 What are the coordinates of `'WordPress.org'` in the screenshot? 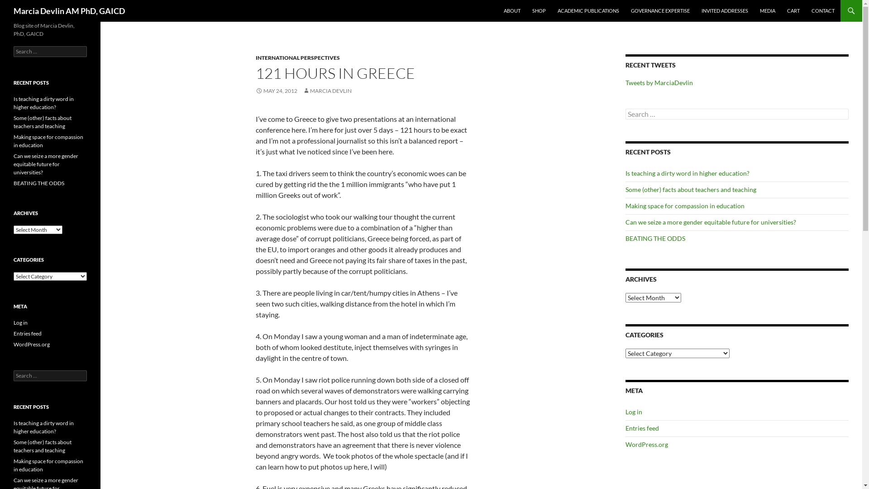 It's located at (32, 344).